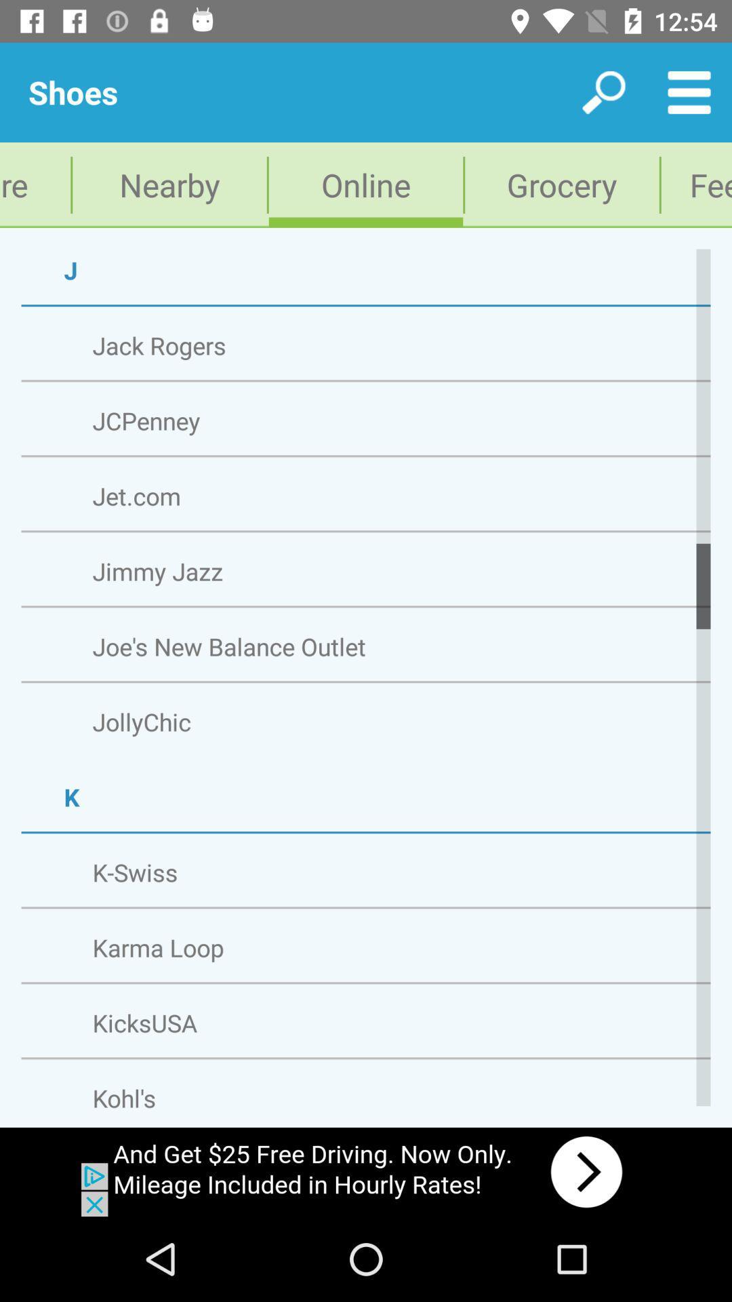 This screenshot has height=1302, width=732. Describe the element at coordinates (603, 92) in the screenshot. I see `the search option` at that location.